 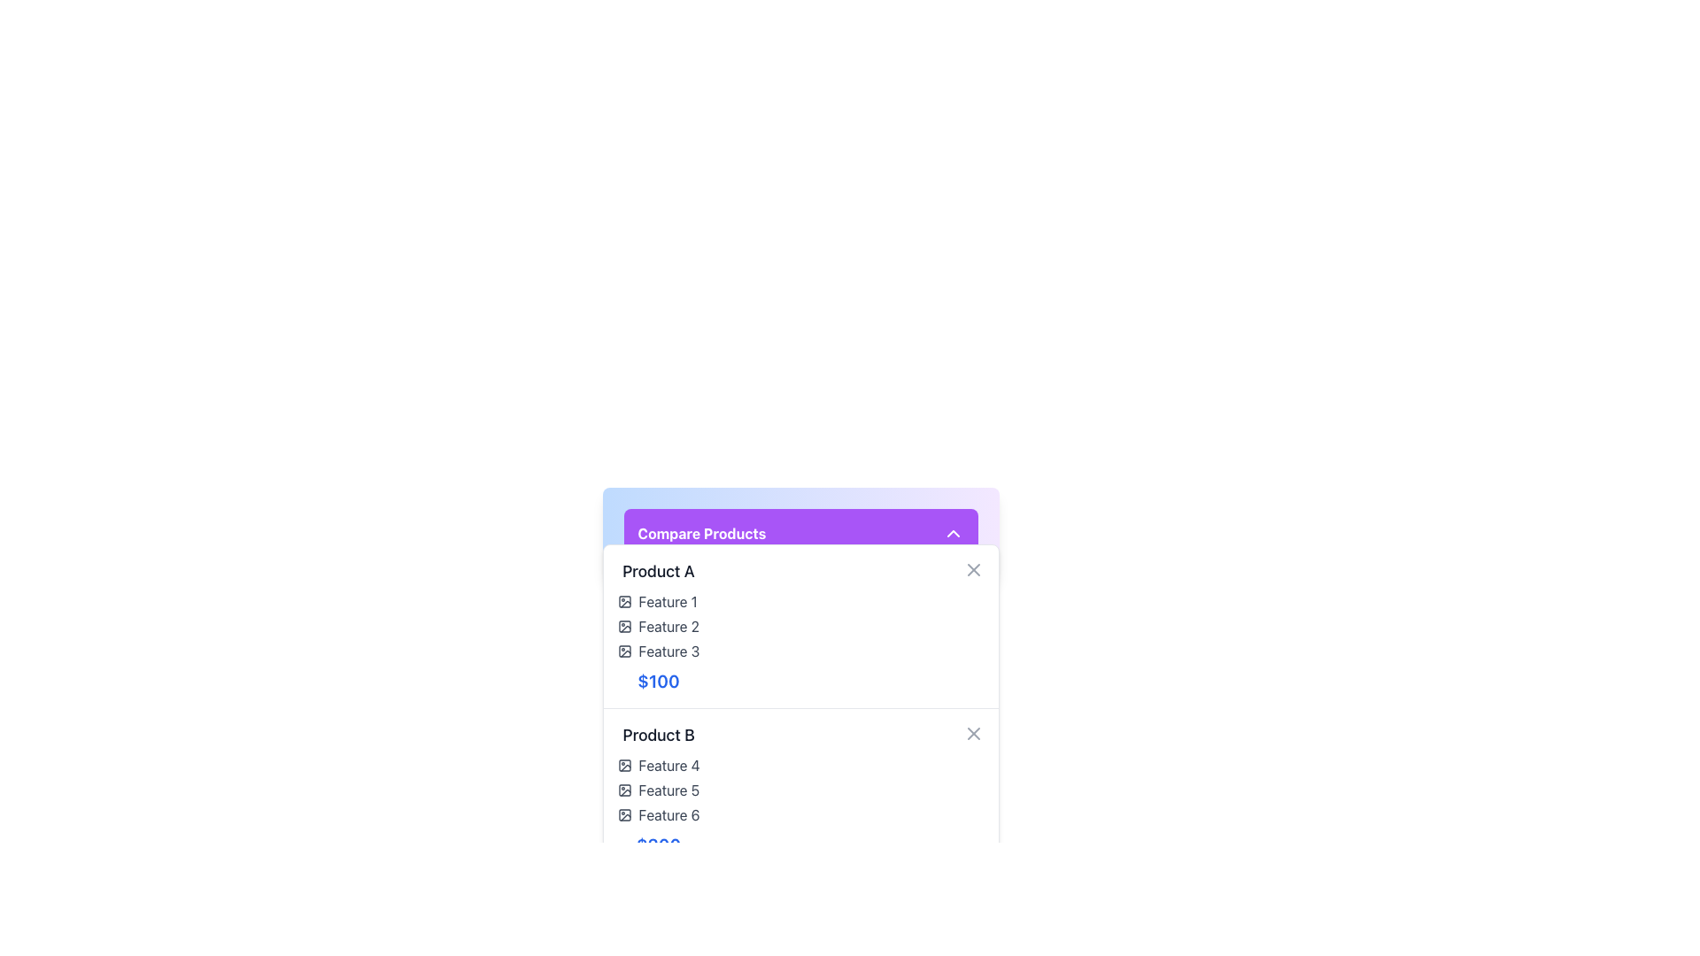 I want to click on the icon representing 'Feature 6' located in the 'Product B' section, positioned to the left of the 'Feature 6' text, so click(x=624, y=815).